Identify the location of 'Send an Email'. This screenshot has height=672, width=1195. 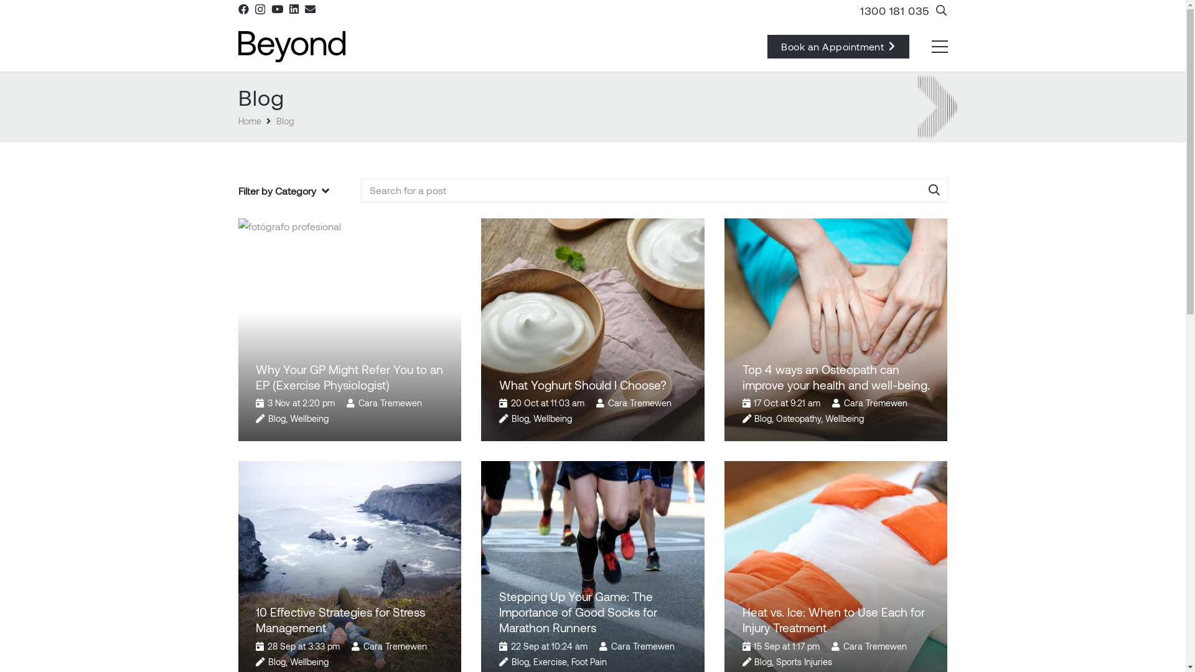
(669, 459).